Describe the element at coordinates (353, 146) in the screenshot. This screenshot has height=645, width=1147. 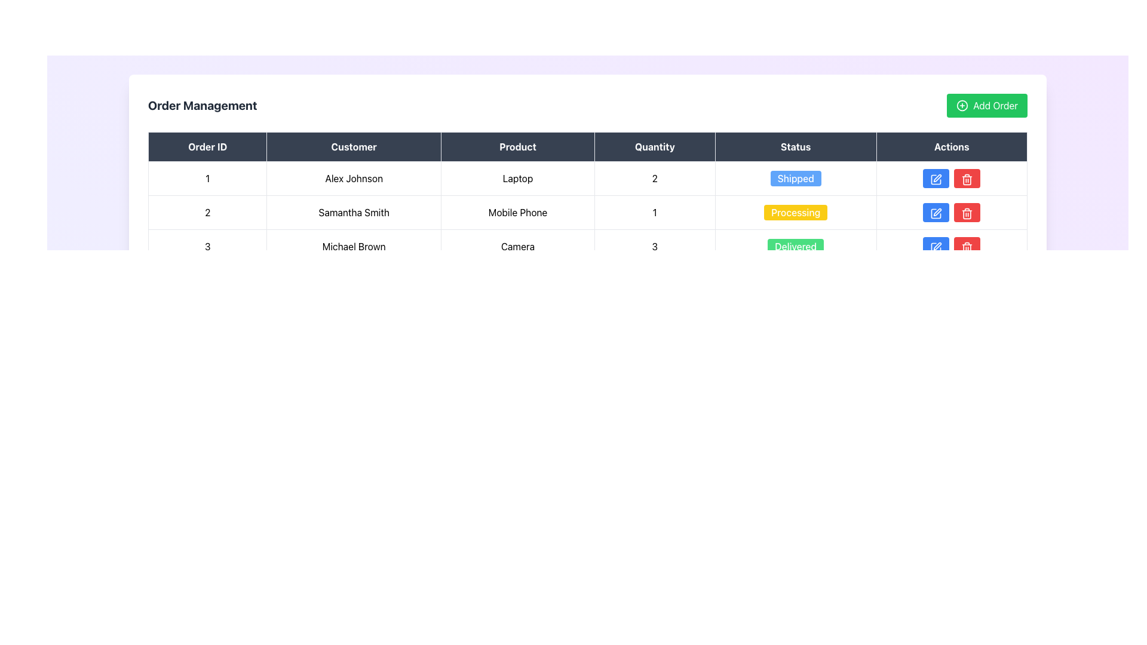
I see `the table header cell containing the text 'Customer', which is styled with a dark background and white text, located between 'Order ID' and 'Product'` at that location.